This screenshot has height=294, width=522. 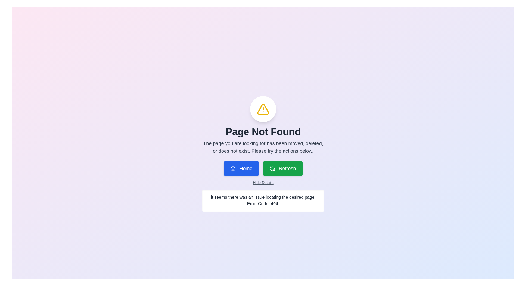 I want to click on the error or warning icon that indicates a 404 error, located above the 'Page Not Found' heading, so click(x=263, y=109).